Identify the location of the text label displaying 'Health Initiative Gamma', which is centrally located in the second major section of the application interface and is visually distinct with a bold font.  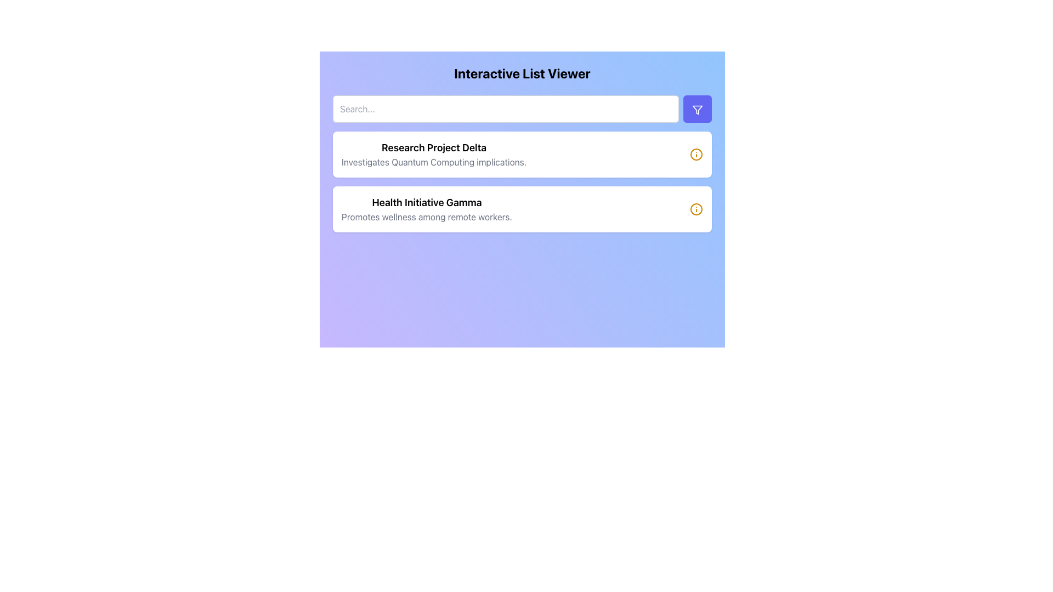
(426, 203).